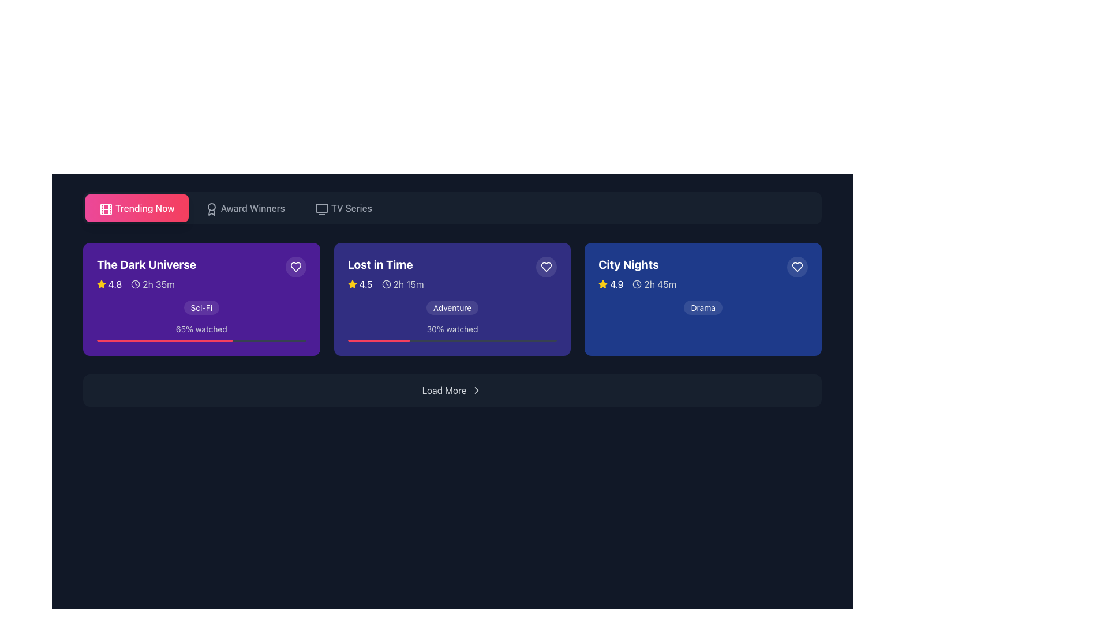 This screenshot has height=623, width=1108. I want to click on the award badge icon located in the header navigation bar, positioned between the 'Trending Now' and 'TV Series' tabs, so click(211, 209).